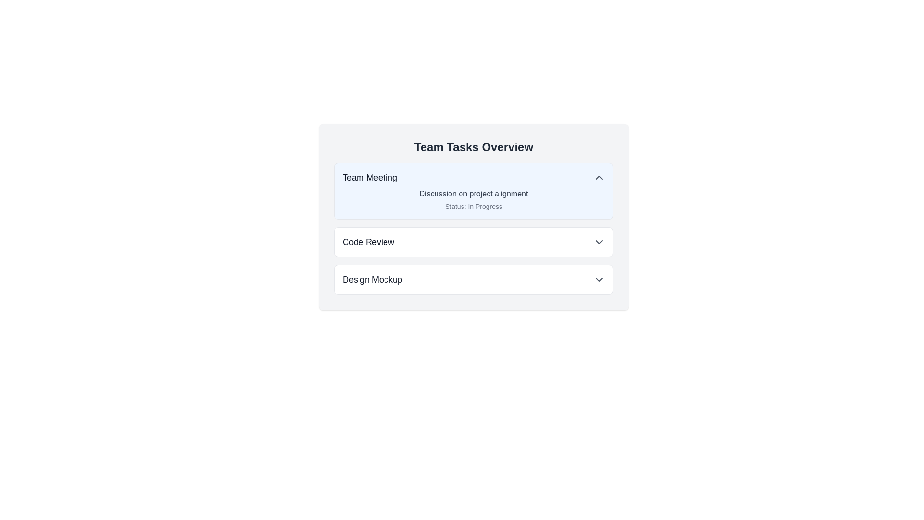 The height and width of the screenshot is (520, 924). Describe the element at coordinates (474, 206) in the screenshot. I see `the status indicator text label located beneath the 'Discussion on project alignment' text in the 'Team Meeting' section` at that location.